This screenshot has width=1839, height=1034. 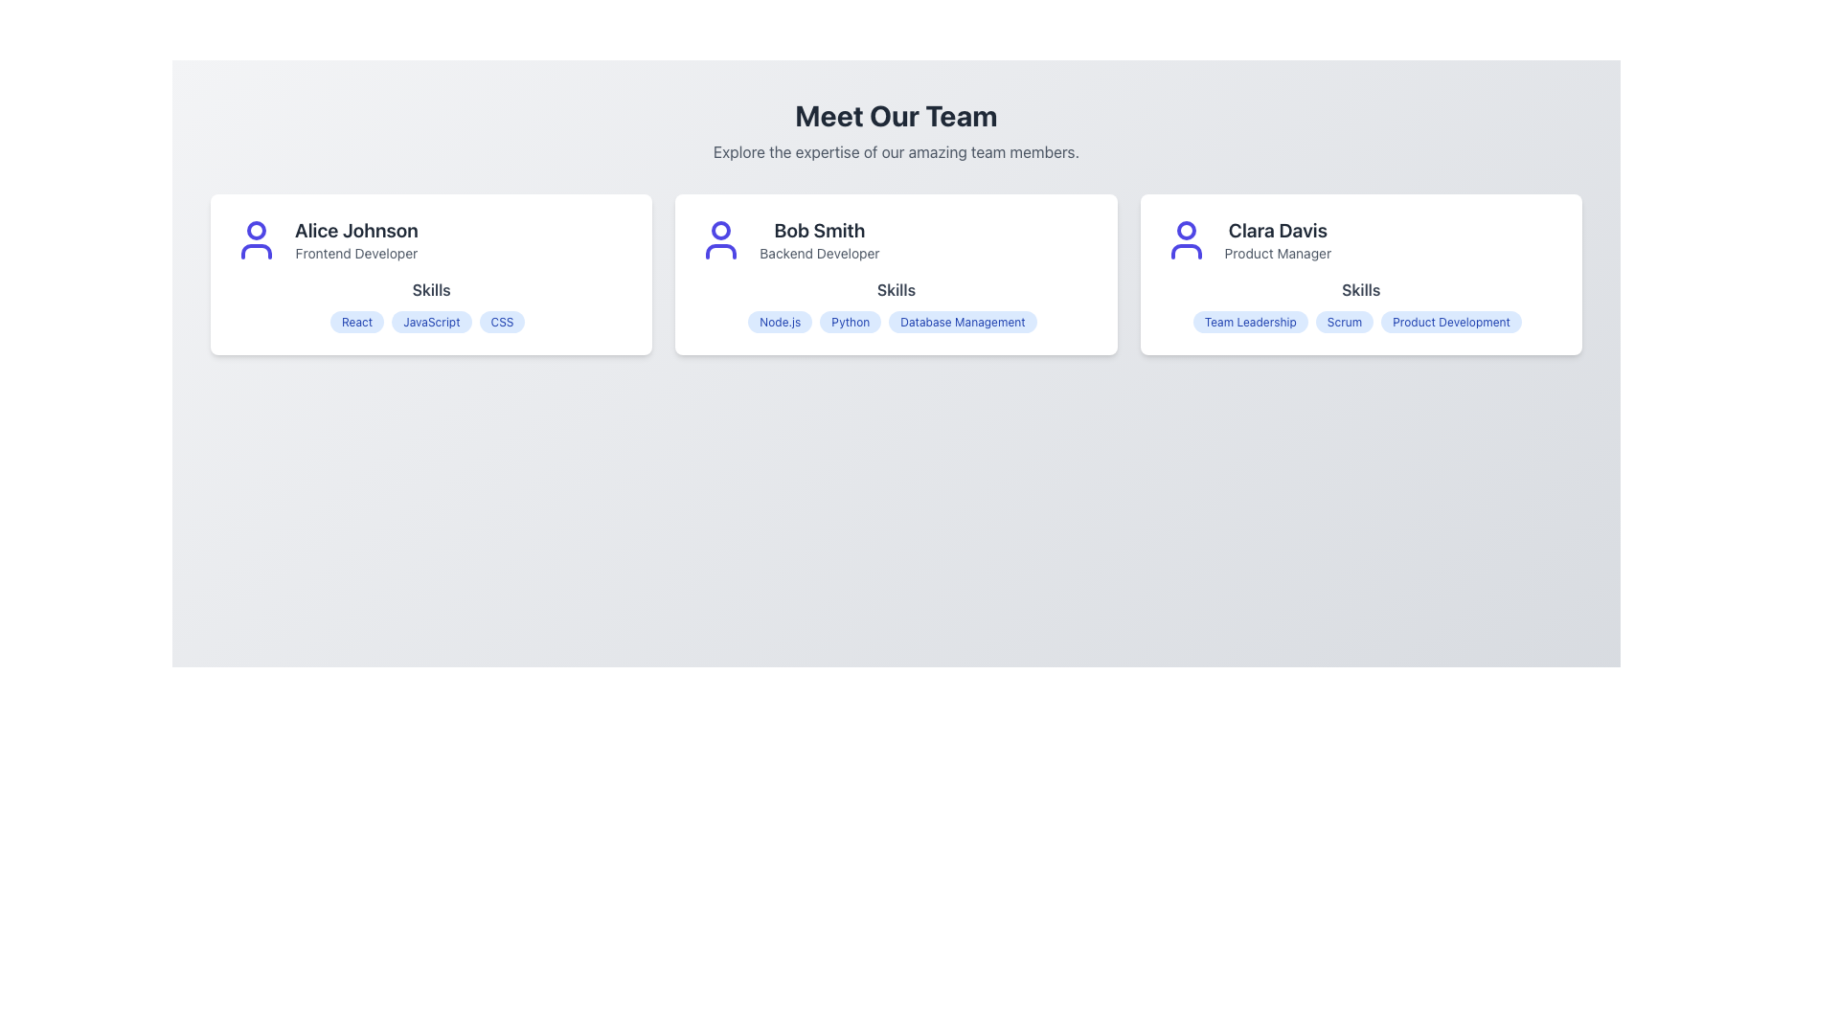 What do you see at coordinates (430, 320) in the screenshot?
I see `the 'JavaScript' skill label, which is the second label under the 'Skills' heading in Alice Johnson's card` at bounding box center [430, 320].